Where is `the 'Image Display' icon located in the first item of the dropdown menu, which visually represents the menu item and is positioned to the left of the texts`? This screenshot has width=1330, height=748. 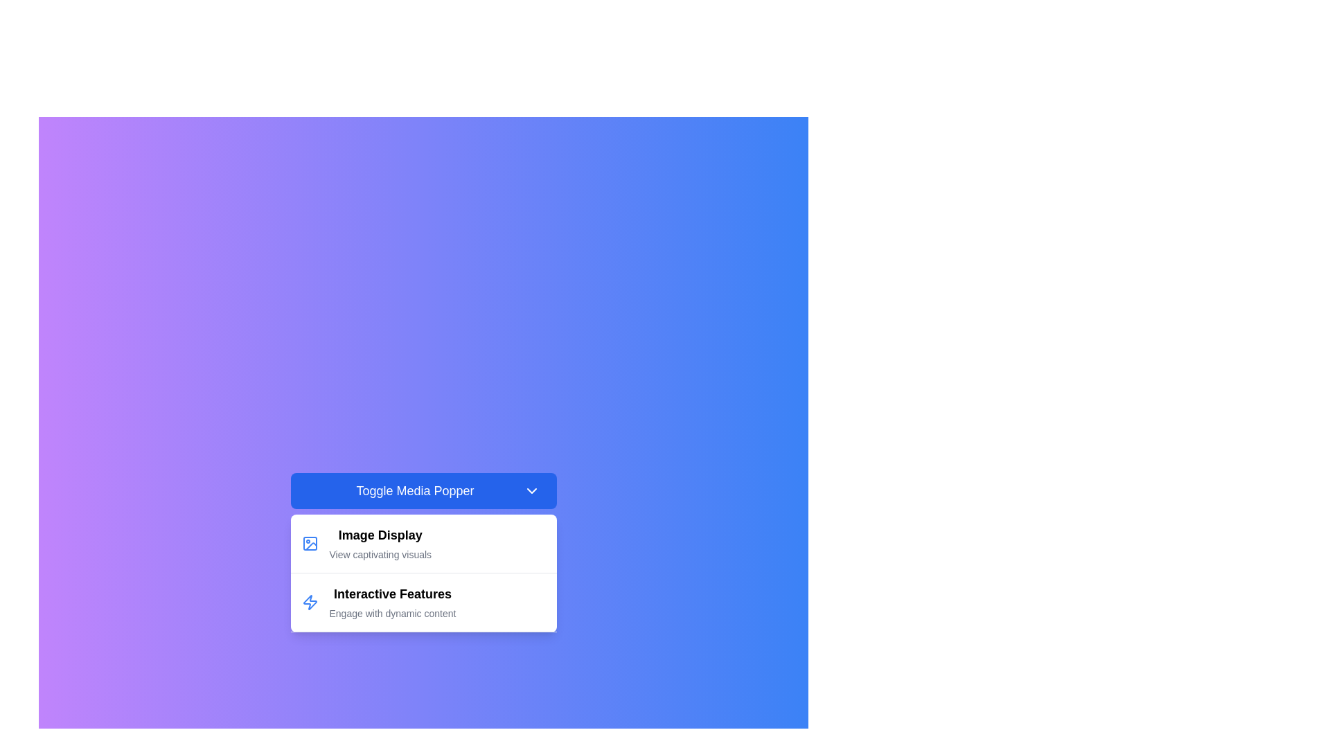
the 'Image Display' icon located in the first item of the dropdown menu, which visually represents the menu item and is positioned to the left of the texts is located at coordinates (309, 543).